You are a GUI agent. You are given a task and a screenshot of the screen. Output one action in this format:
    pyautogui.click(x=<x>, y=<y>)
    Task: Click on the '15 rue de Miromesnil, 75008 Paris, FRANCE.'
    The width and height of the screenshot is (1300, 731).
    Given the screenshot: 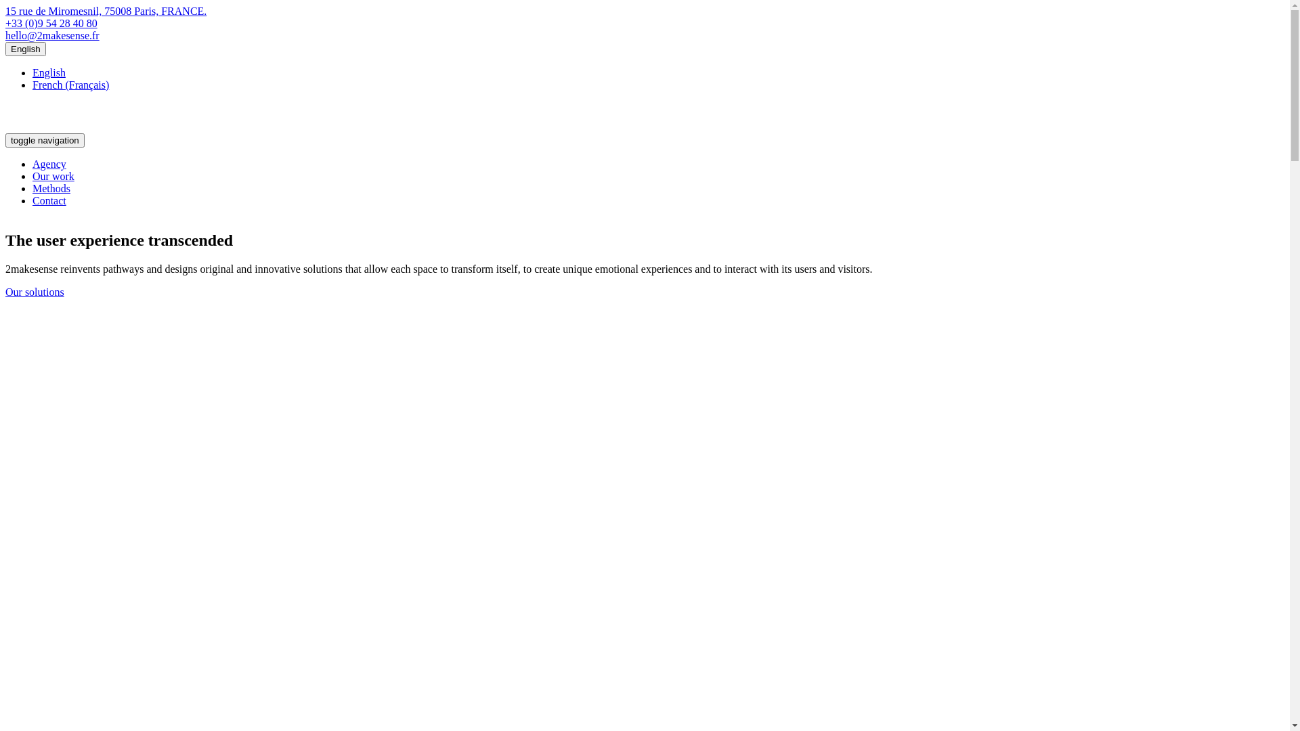 What is the action you would take?
    pyautogui.click(x=105, y=11)
    